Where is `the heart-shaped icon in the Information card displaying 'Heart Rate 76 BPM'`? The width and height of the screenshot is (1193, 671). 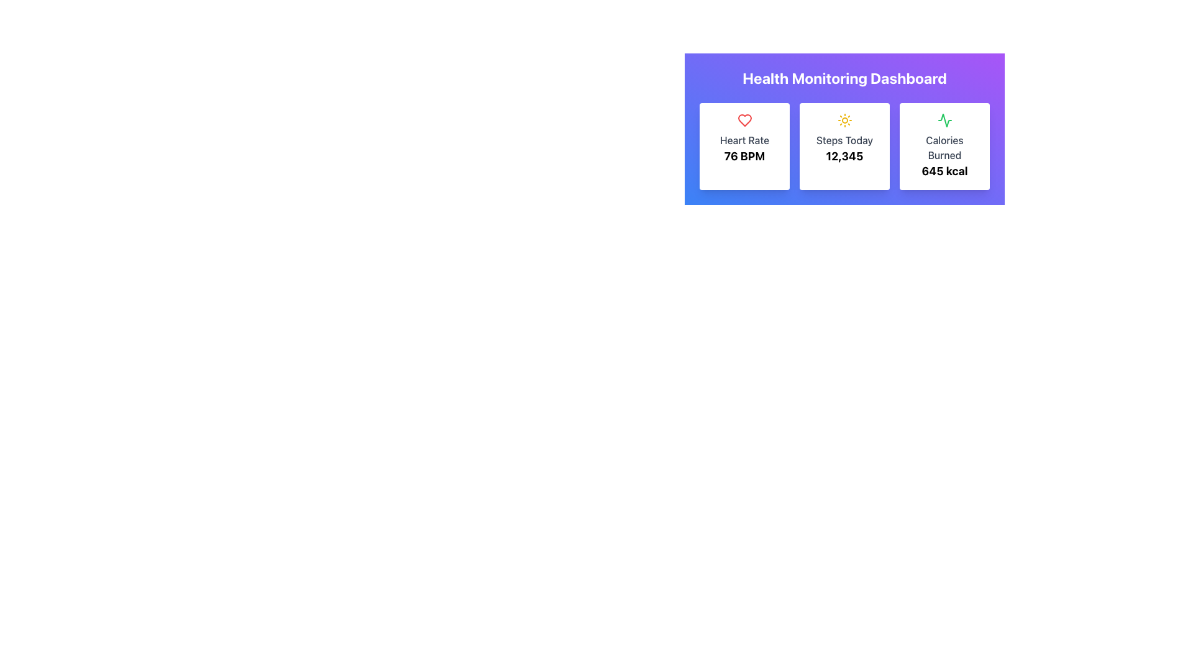
the heart-shaped icon in the Information card displaying 'Heart Rate 76 BPM' is located at coordinates (744, 145).